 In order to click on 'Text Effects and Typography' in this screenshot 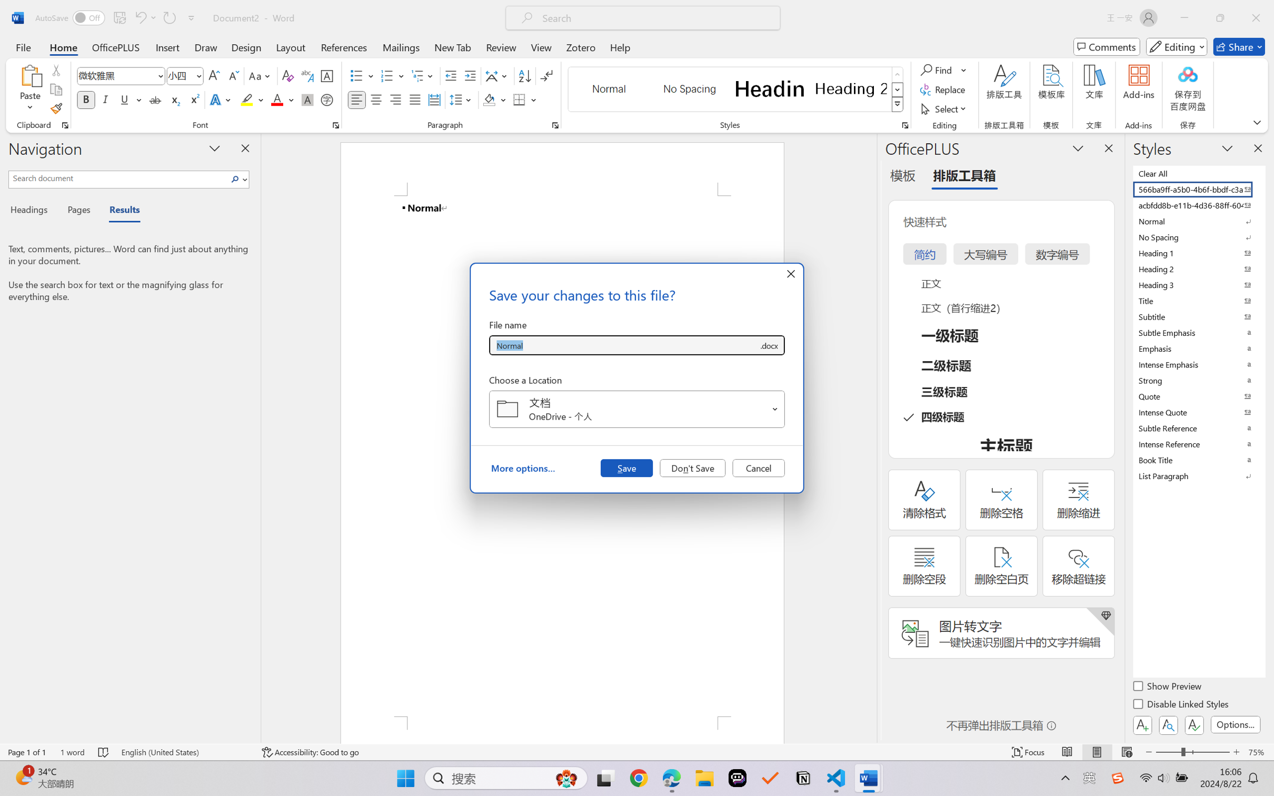, I will do `click(221, 99)`.